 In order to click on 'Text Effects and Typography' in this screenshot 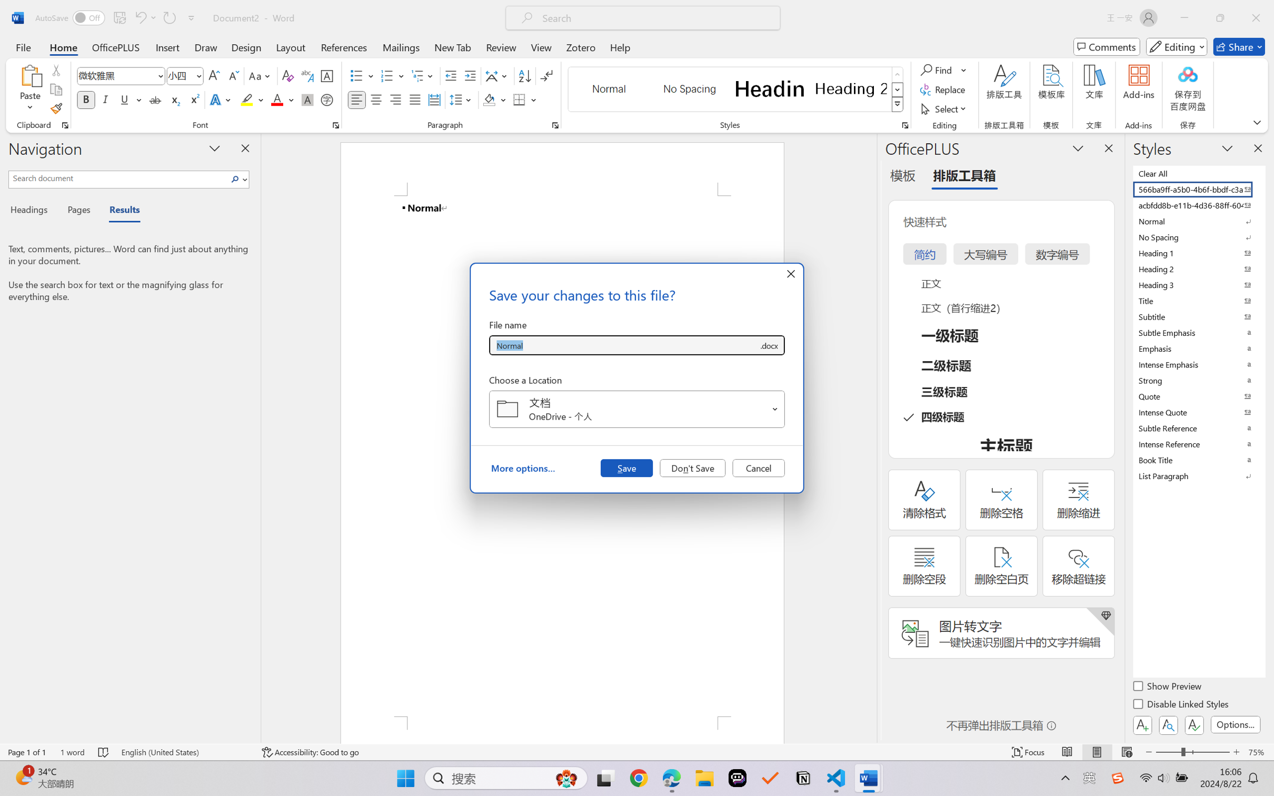, I will do `click(221, 99)`.